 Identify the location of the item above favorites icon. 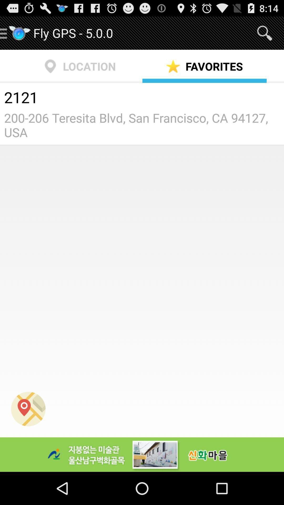
(265, 33).